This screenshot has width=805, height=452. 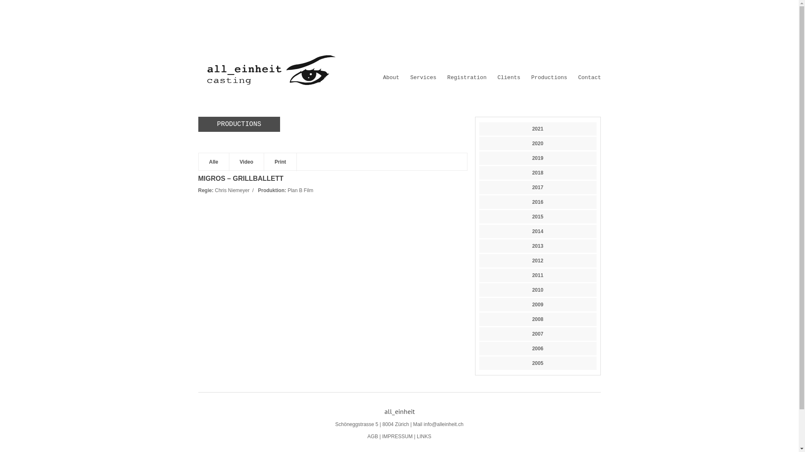 I want to click on '2020', so click(x=531, y=143).